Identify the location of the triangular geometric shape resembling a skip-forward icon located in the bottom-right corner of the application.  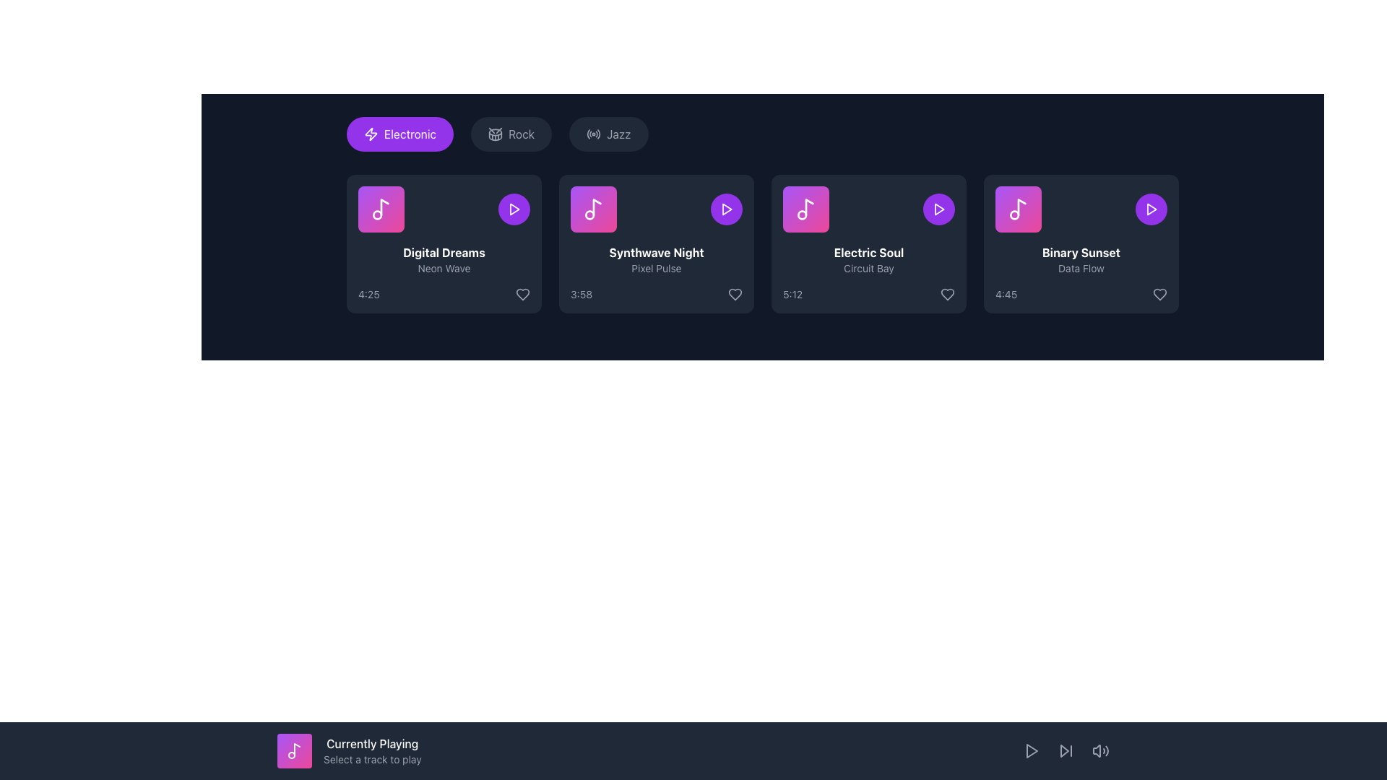
(1064, 750).